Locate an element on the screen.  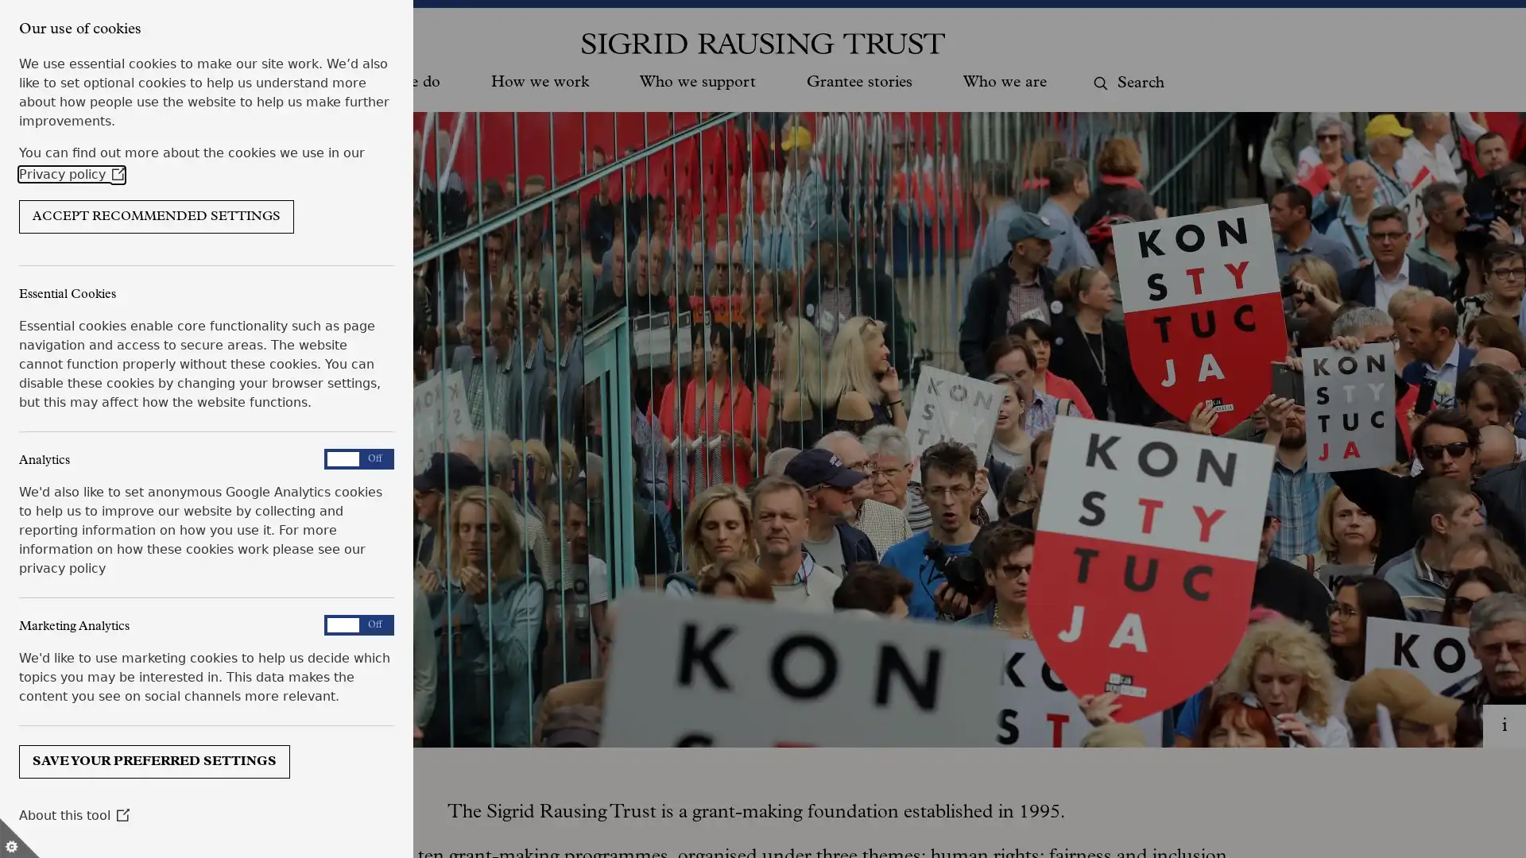
SAVE YOUR PREFERRED SETTINGS is located at coordinates (154, 759).